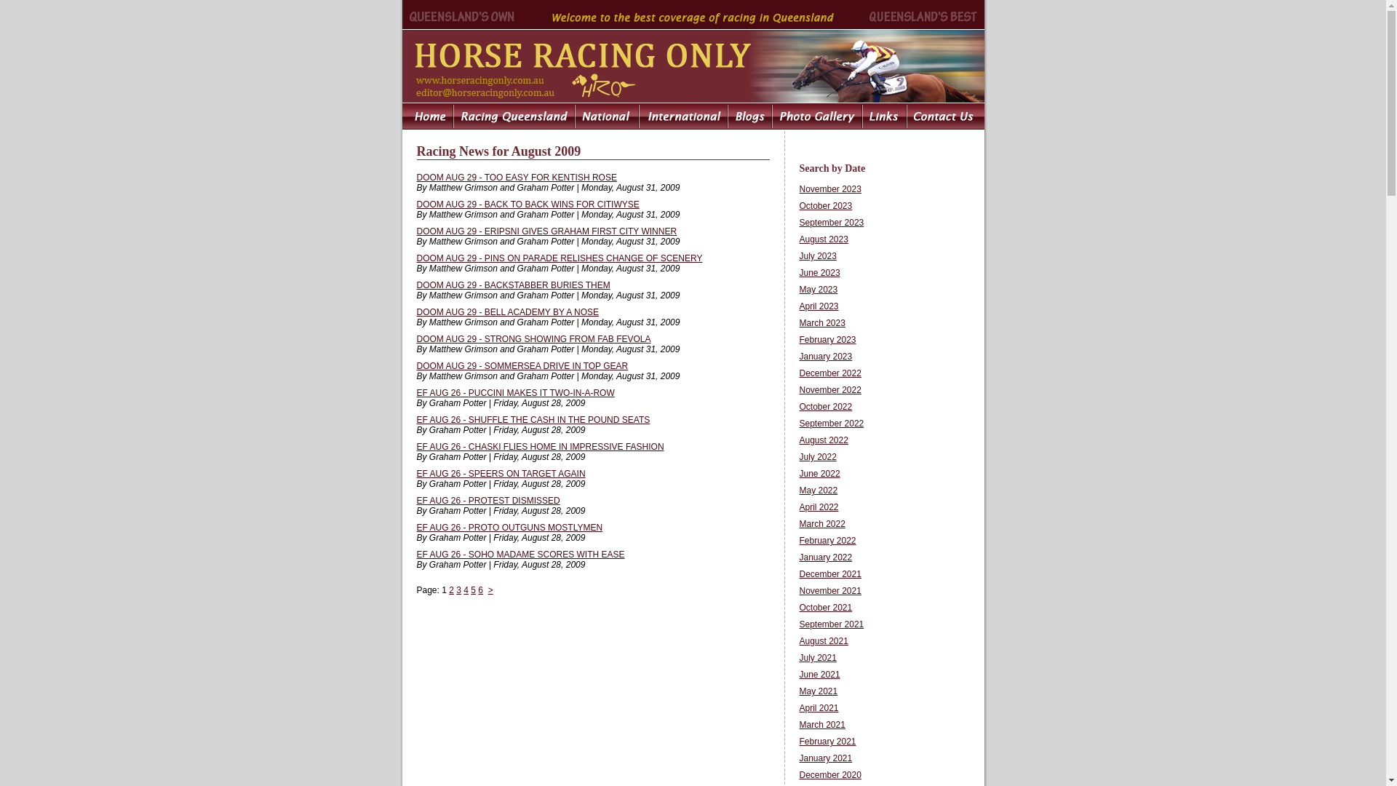 This screenshot has width=1397, height=786. Describe the element at coordinates (516, 176) in the screenshot. I see `'DOOM AUG 29 - TOO EASY FOR KENTISH ROSE'` at that location.